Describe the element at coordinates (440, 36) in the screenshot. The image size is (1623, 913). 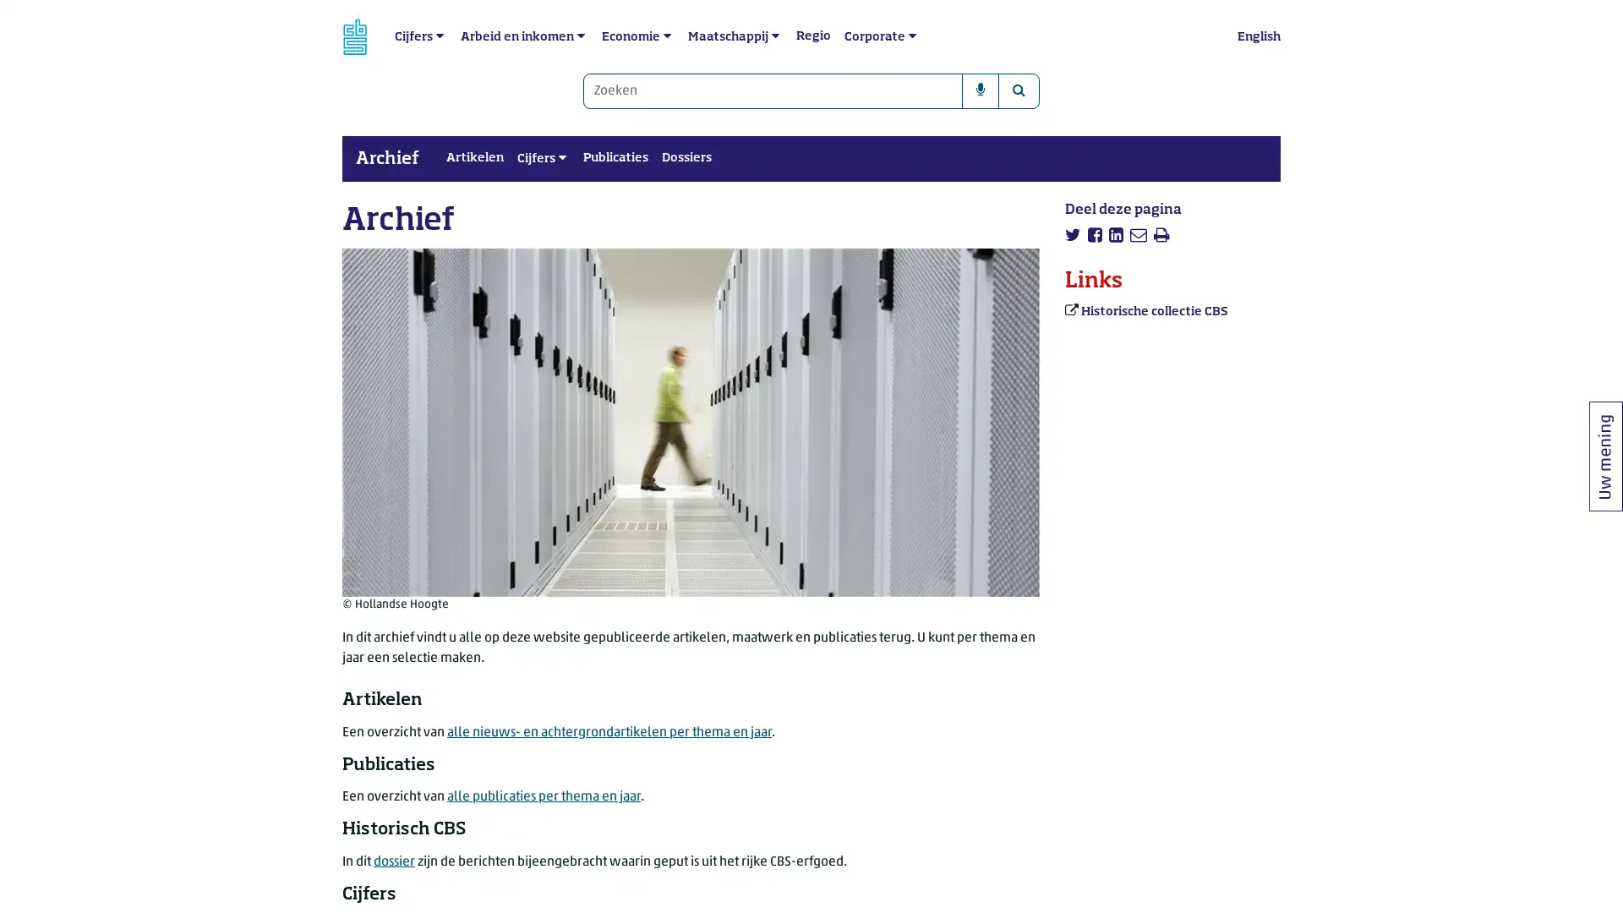
I see `submenu Cijfers` at that location.